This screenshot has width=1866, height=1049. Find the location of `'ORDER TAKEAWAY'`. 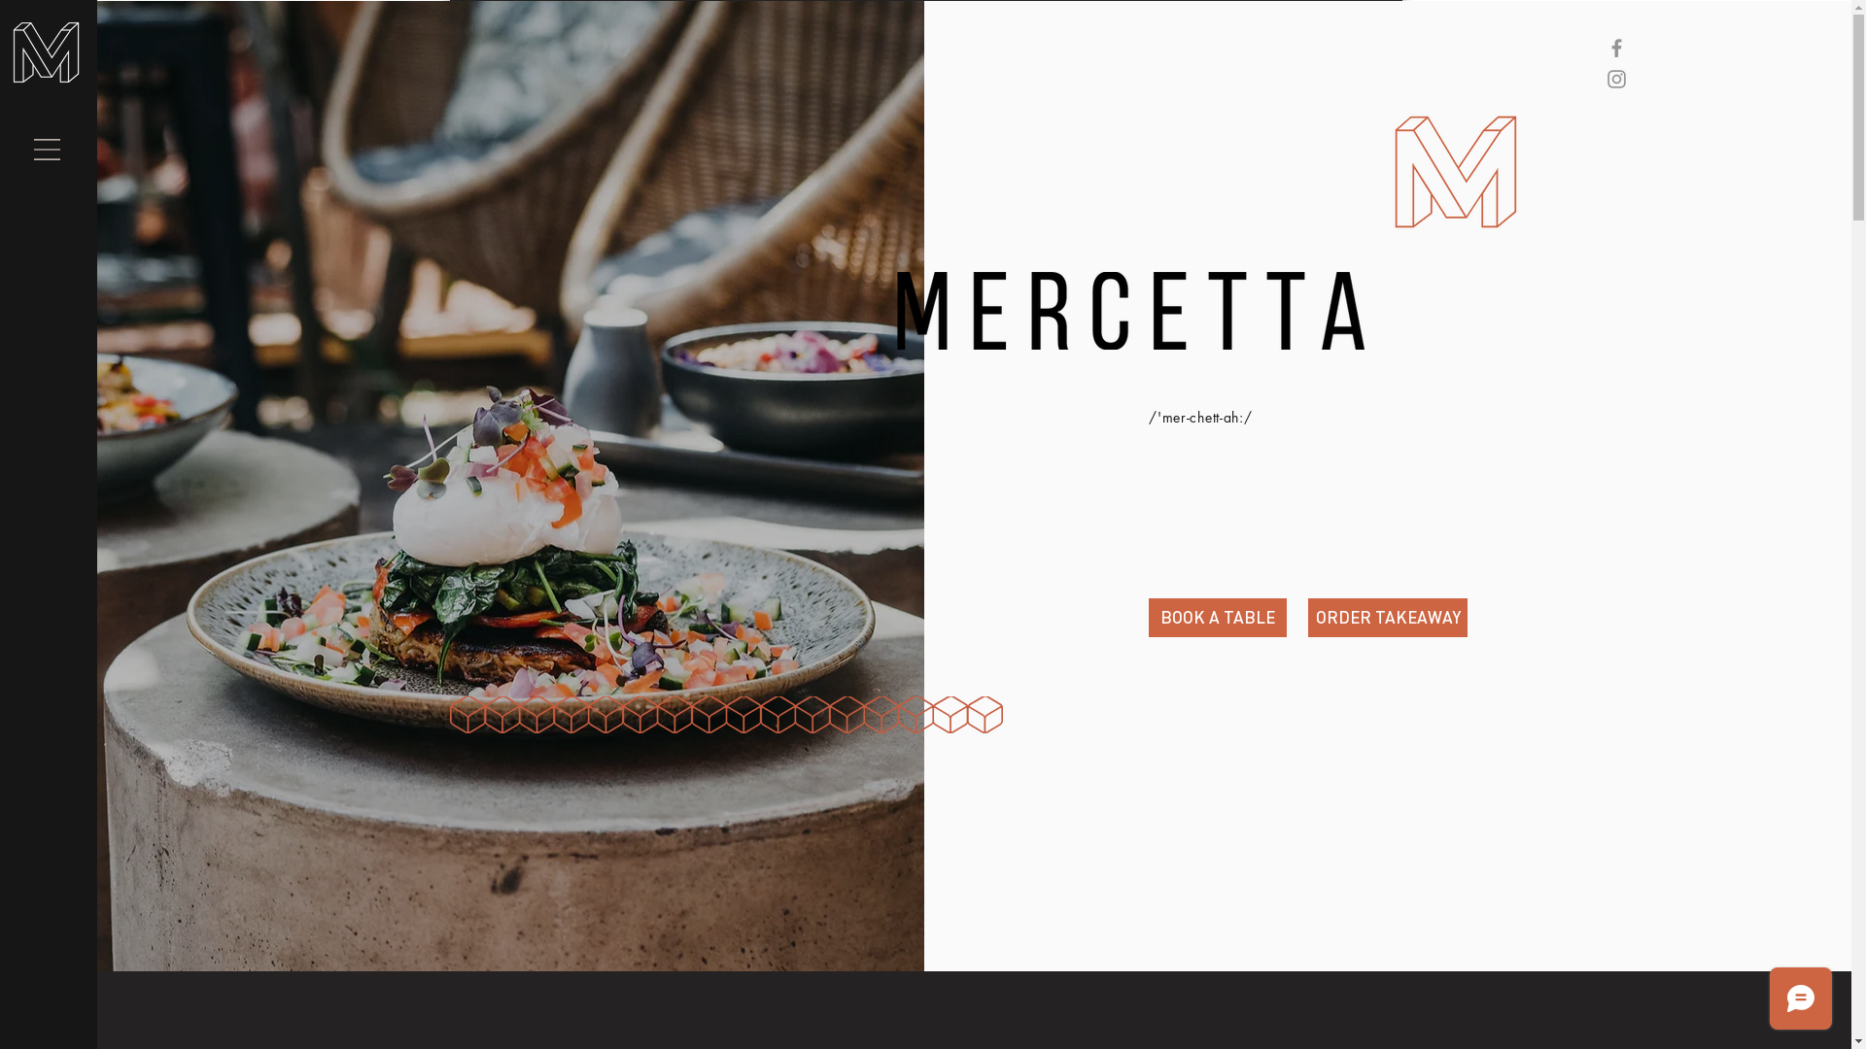

'ORDER TAKEAWAY' is located at coordinates (1387, 618).